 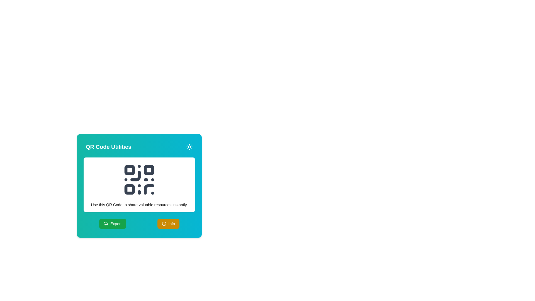 What do you see at coordinates (164, 223) in the screenshot?
I see `the circular icon with a yellow background and white border, featuring a small 'i' sign, located within the 'Info' button near the bottom-right corner of the card` at bounding box center [164, 223].